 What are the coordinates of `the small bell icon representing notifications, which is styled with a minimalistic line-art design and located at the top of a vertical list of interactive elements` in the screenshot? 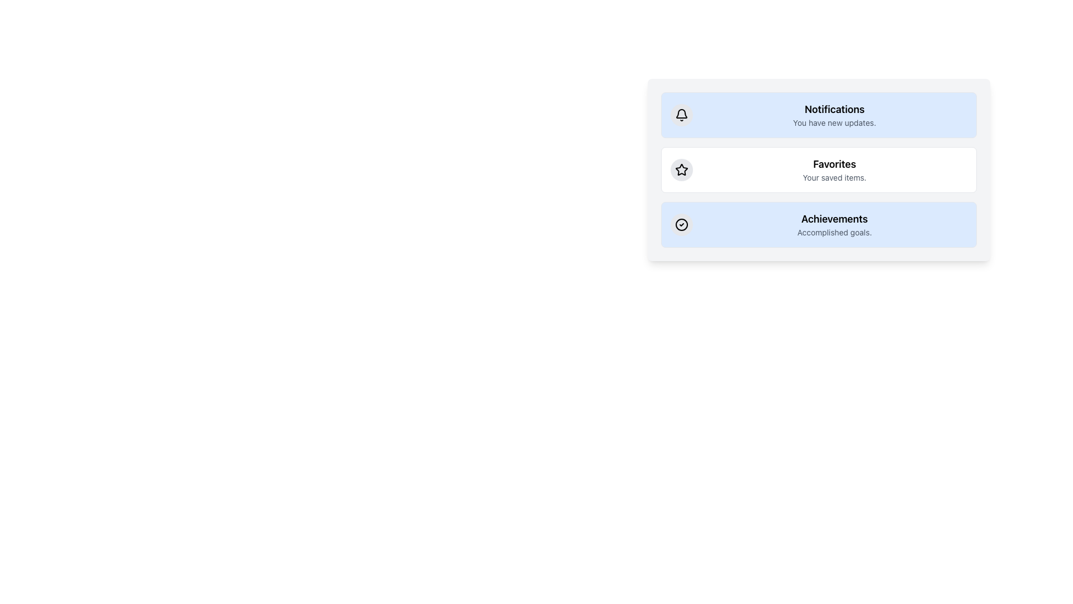 It's located at (681, 115).